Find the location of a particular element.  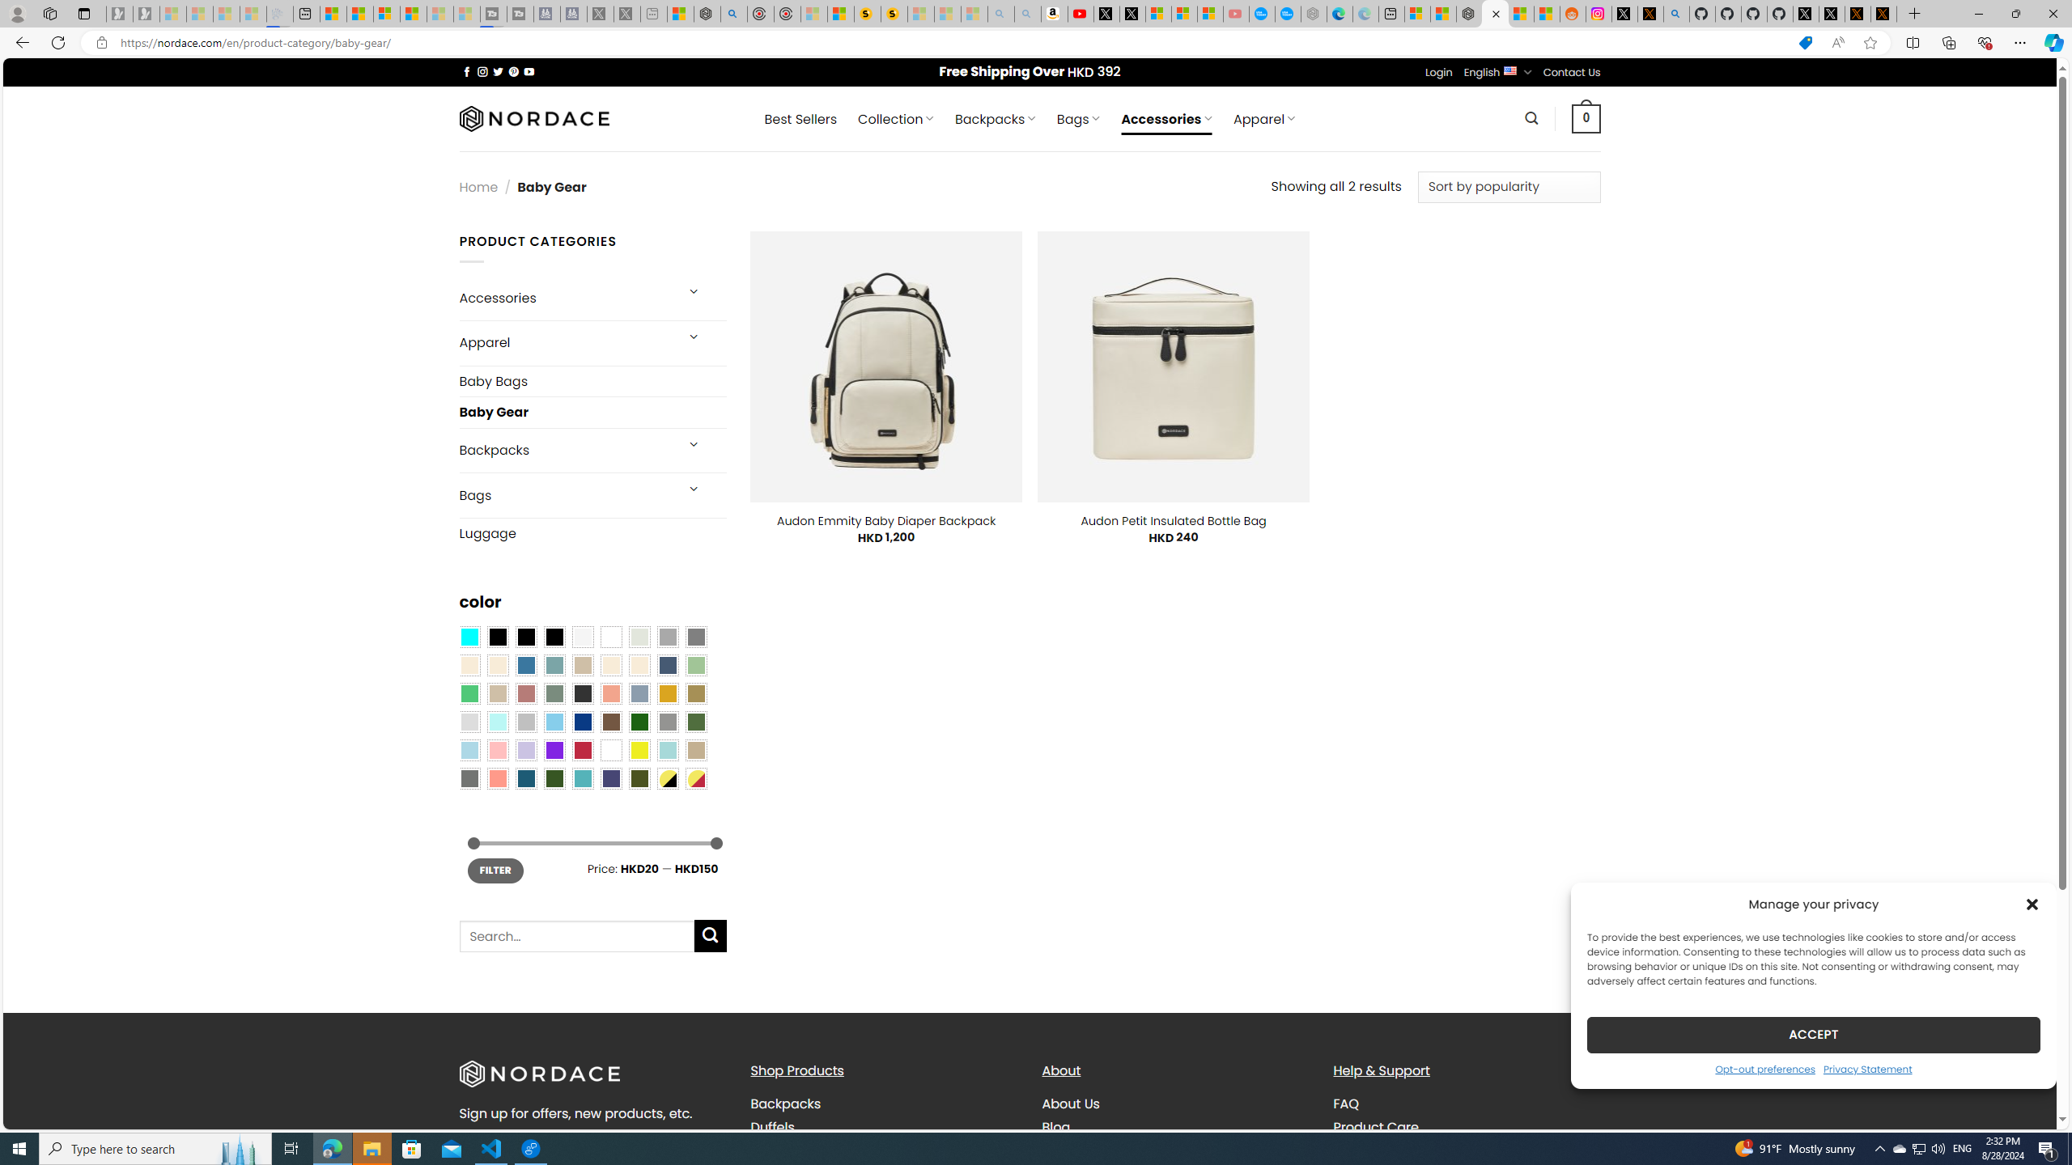

' Best Sellers' is located at coordinates (800, 118).